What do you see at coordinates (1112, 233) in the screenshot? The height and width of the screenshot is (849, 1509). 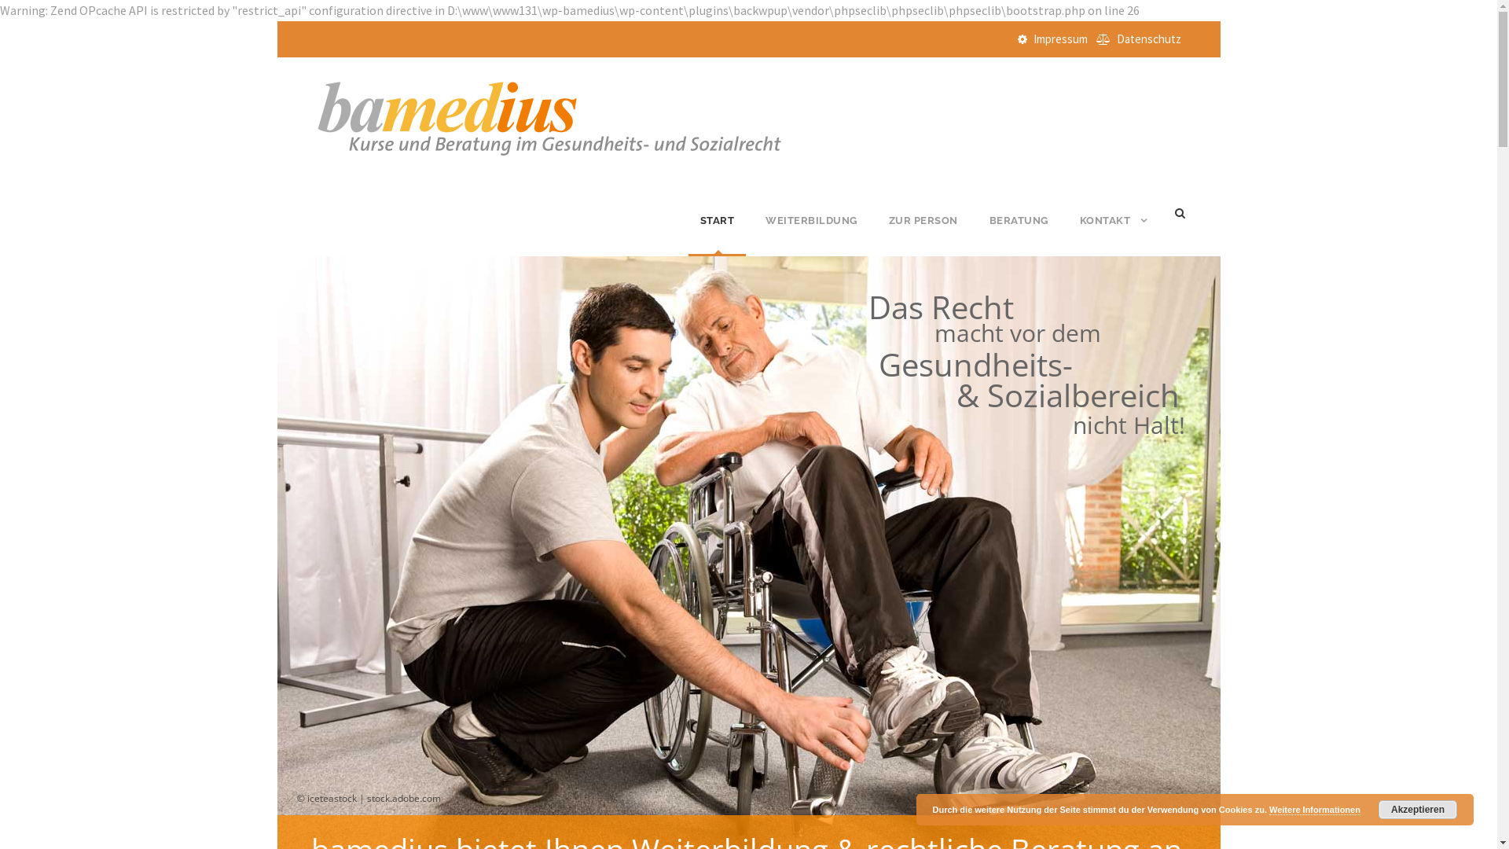 I see `'KONTAKT'` at bounding box center [1112, 233].